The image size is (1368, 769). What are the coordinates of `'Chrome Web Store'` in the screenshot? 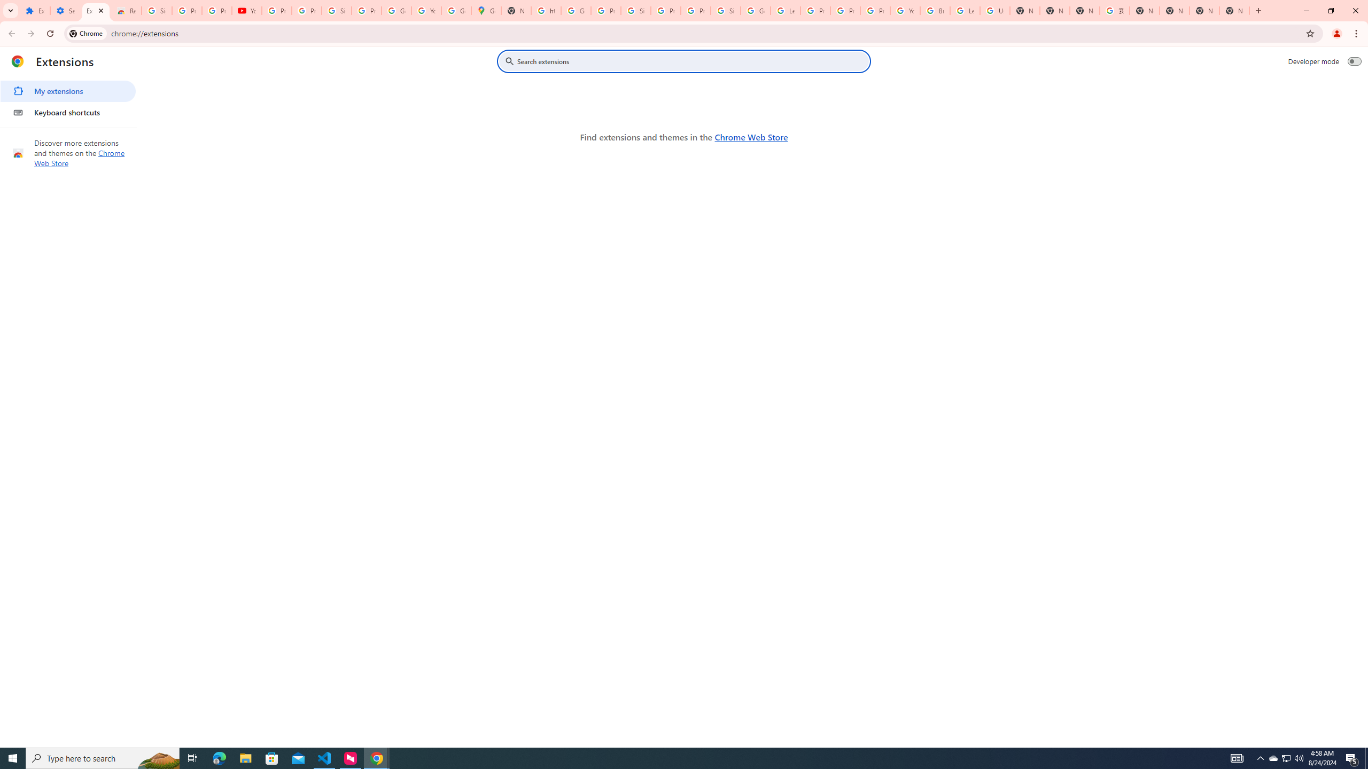 It's located at (751, 137).